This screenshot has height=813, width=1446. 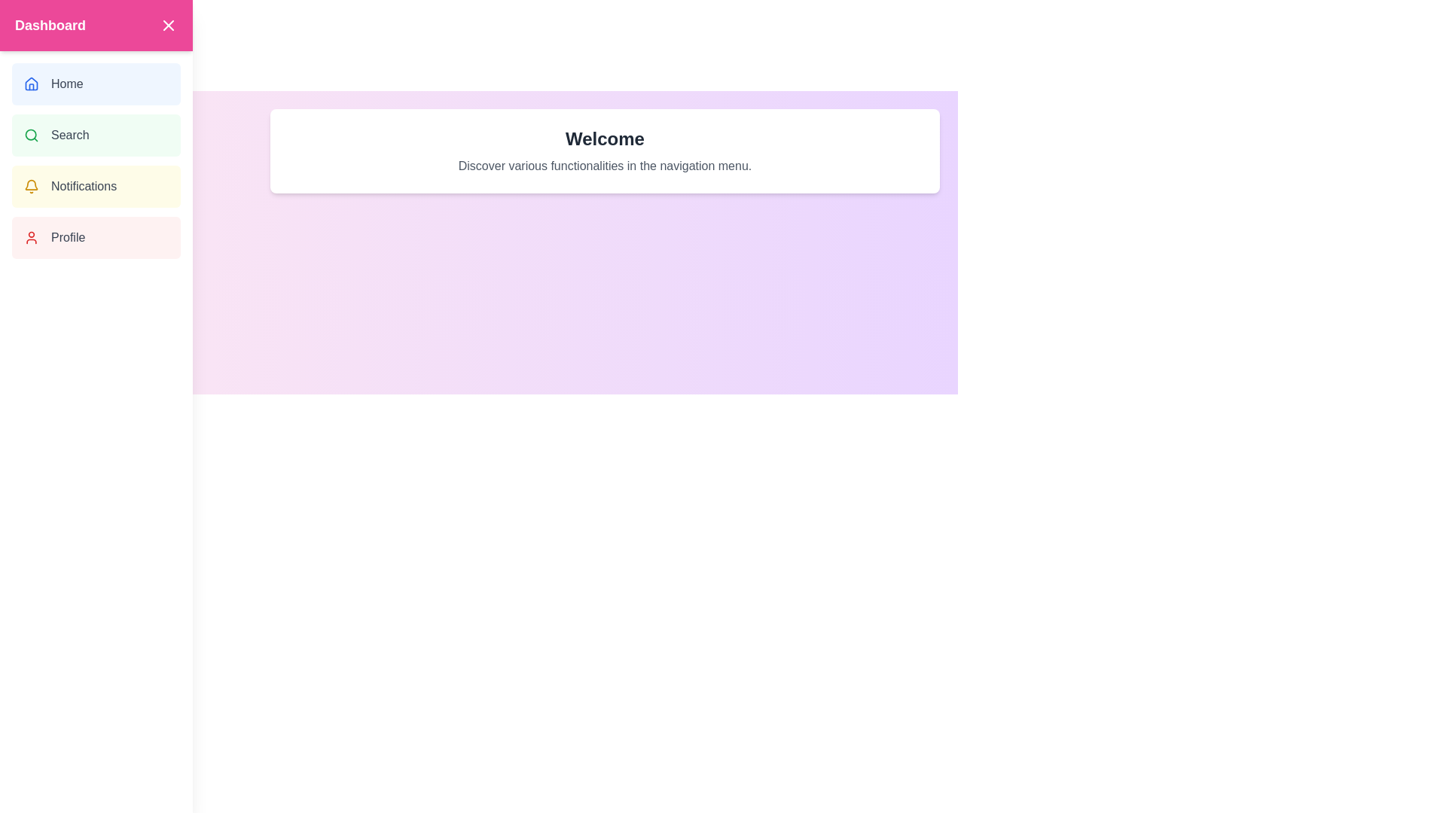 What do you see at coordinates (69, 135) in the screenshot?
I see `the 'Search' text label, which is styled in muted gray and positioned to the right of a magnifying glass icon in the vertical menu` at bounding box center [69, 135].